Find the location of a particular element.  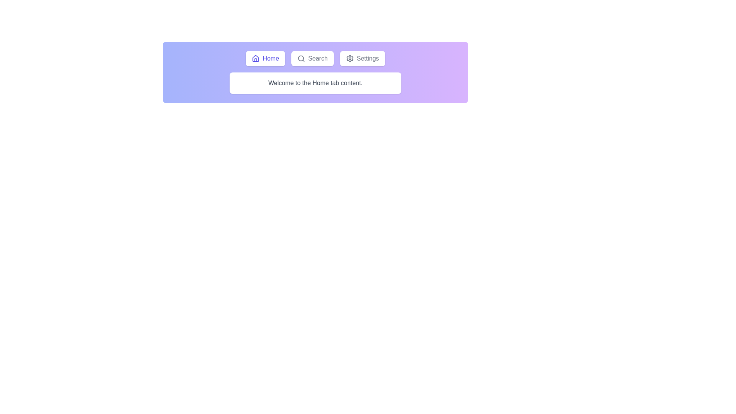

the third button in a horizontal row, located to the right of the 'Search' button is located at coordinates (362, 58).